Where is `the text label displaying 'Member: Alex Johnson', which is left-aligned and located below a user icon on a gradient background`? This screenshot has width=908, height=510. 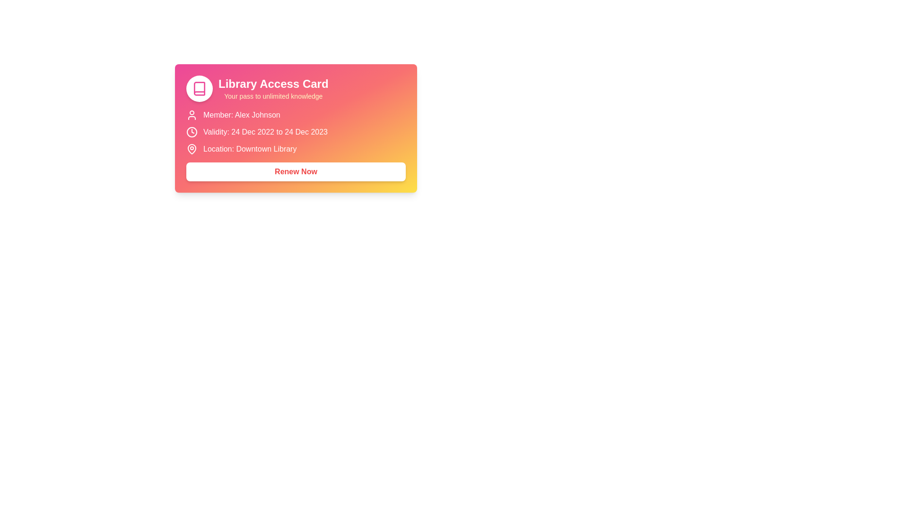 the text label displaying 'Member: Alex Johnson', which is left-aligned and located below a user icon on a gradient background is located at coordinates (242, 114).